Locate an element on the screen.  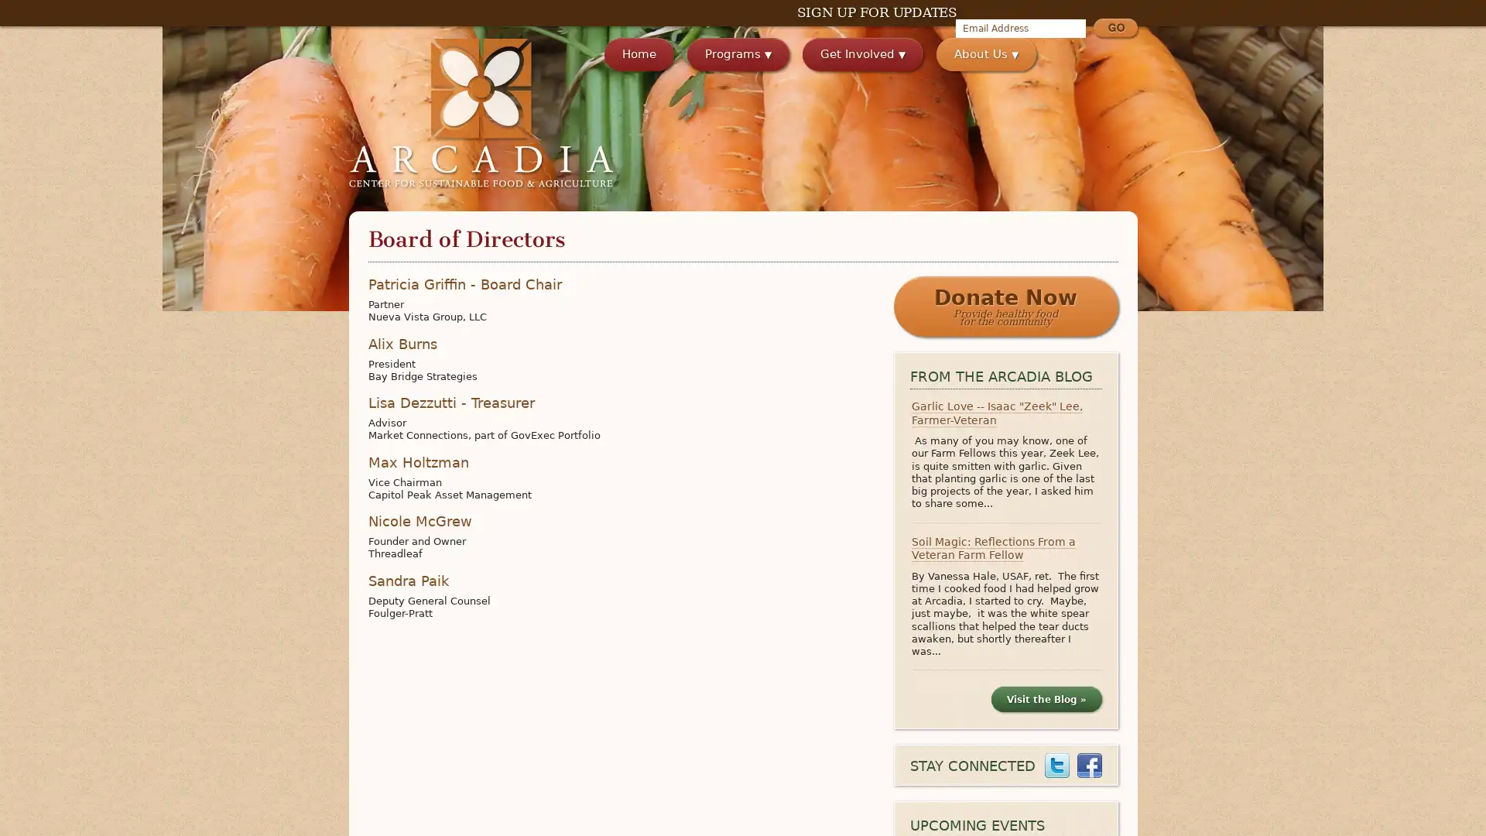
Submit is located at coordinates (1114, 29).